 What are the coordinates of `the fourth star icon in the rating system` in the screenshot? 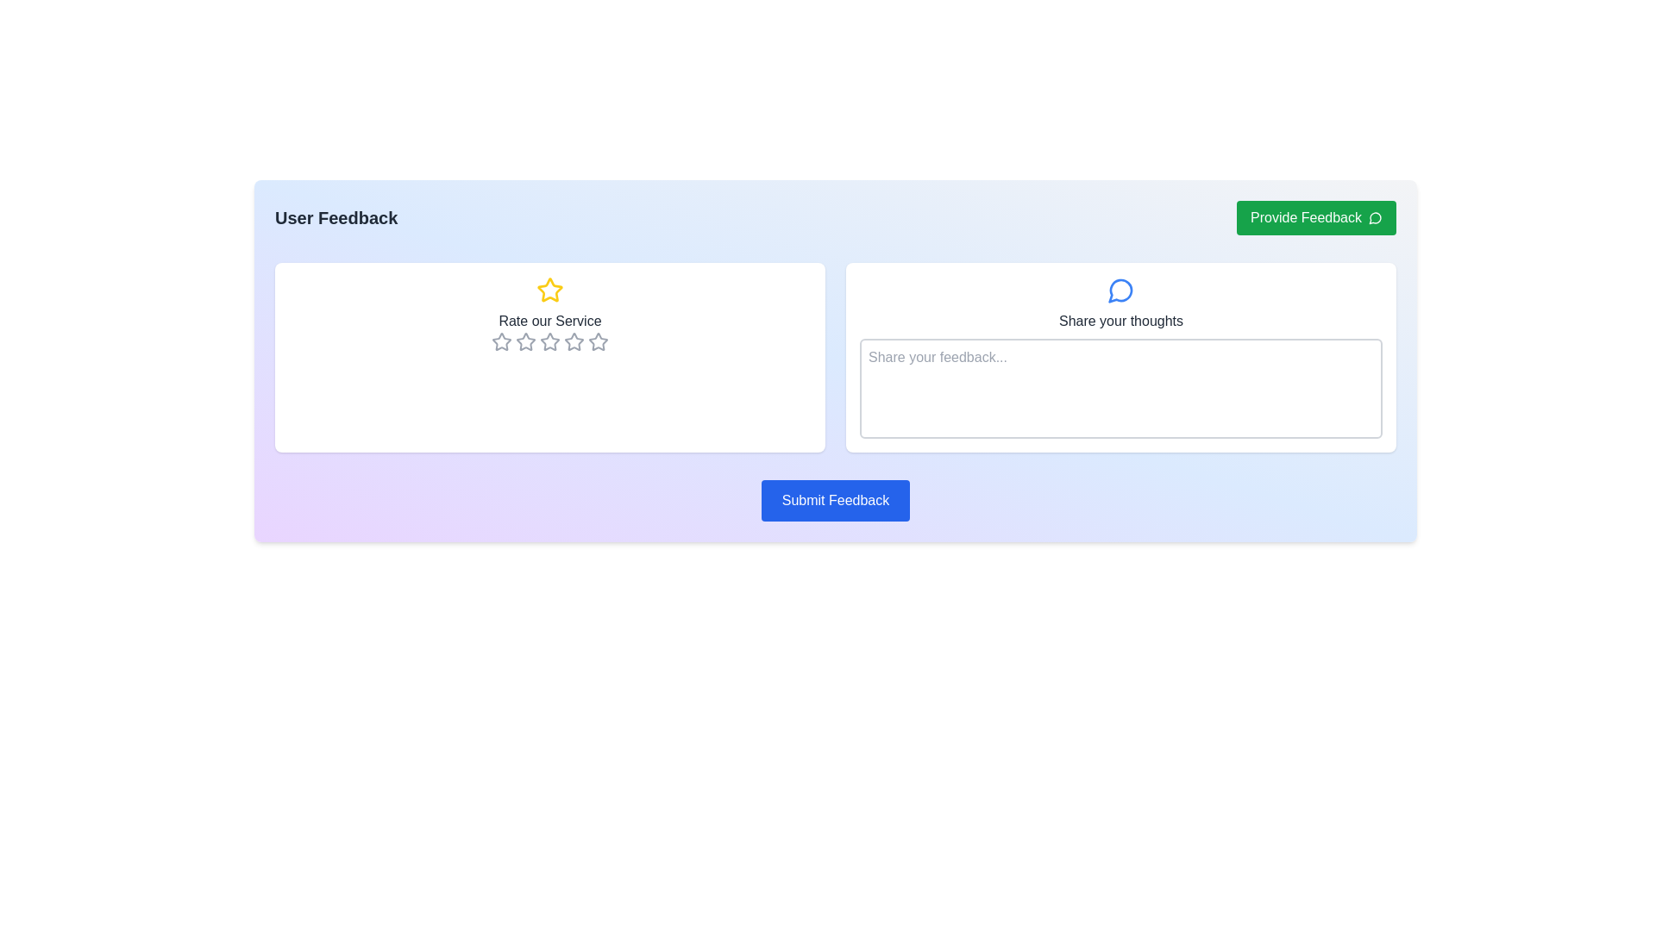 It's located at (599, 341).